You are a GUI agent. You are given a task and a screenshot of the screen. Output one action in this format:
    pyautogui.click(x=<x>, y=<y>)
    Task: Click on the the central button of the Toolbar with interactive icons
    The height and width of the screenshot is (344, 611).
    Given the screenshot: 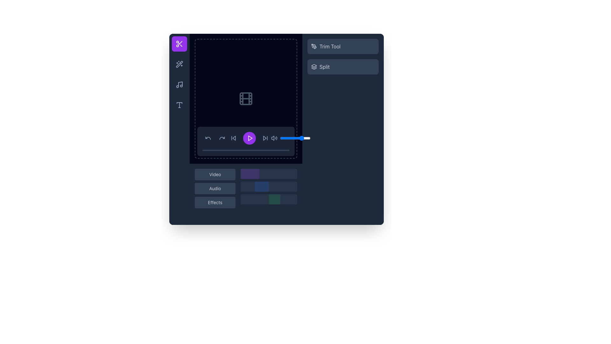 What is the action you would take?
    pyautogui.click(x=215, y=138)
    